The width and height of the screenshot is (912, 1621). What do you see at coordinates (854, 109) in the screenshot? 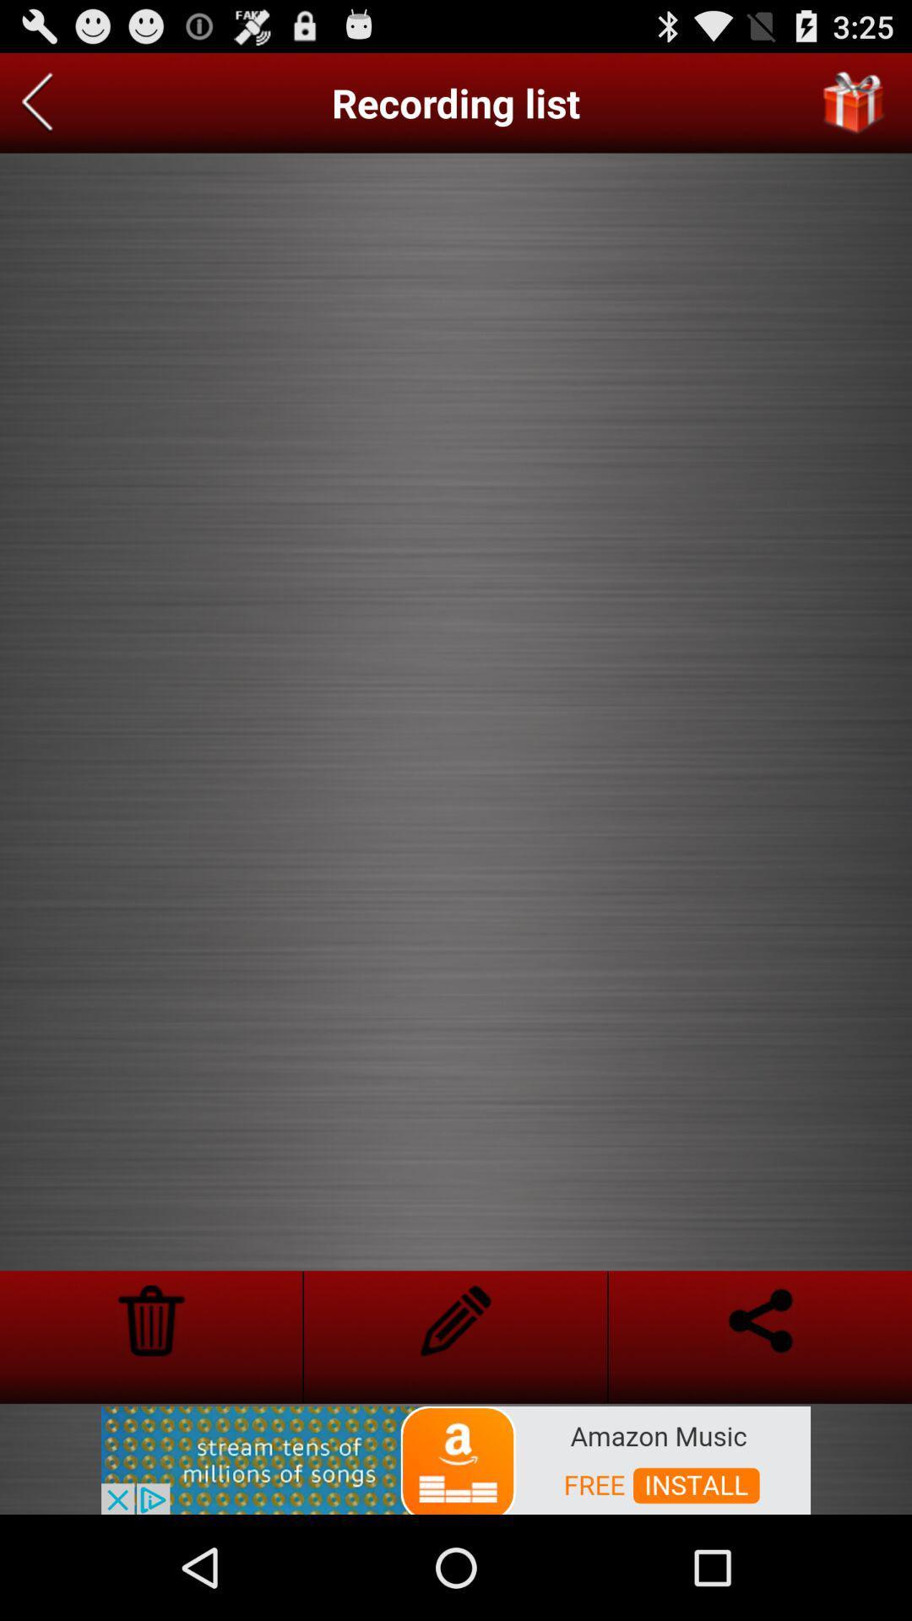
I see `the gift icon` at bounding box center [854, 109].